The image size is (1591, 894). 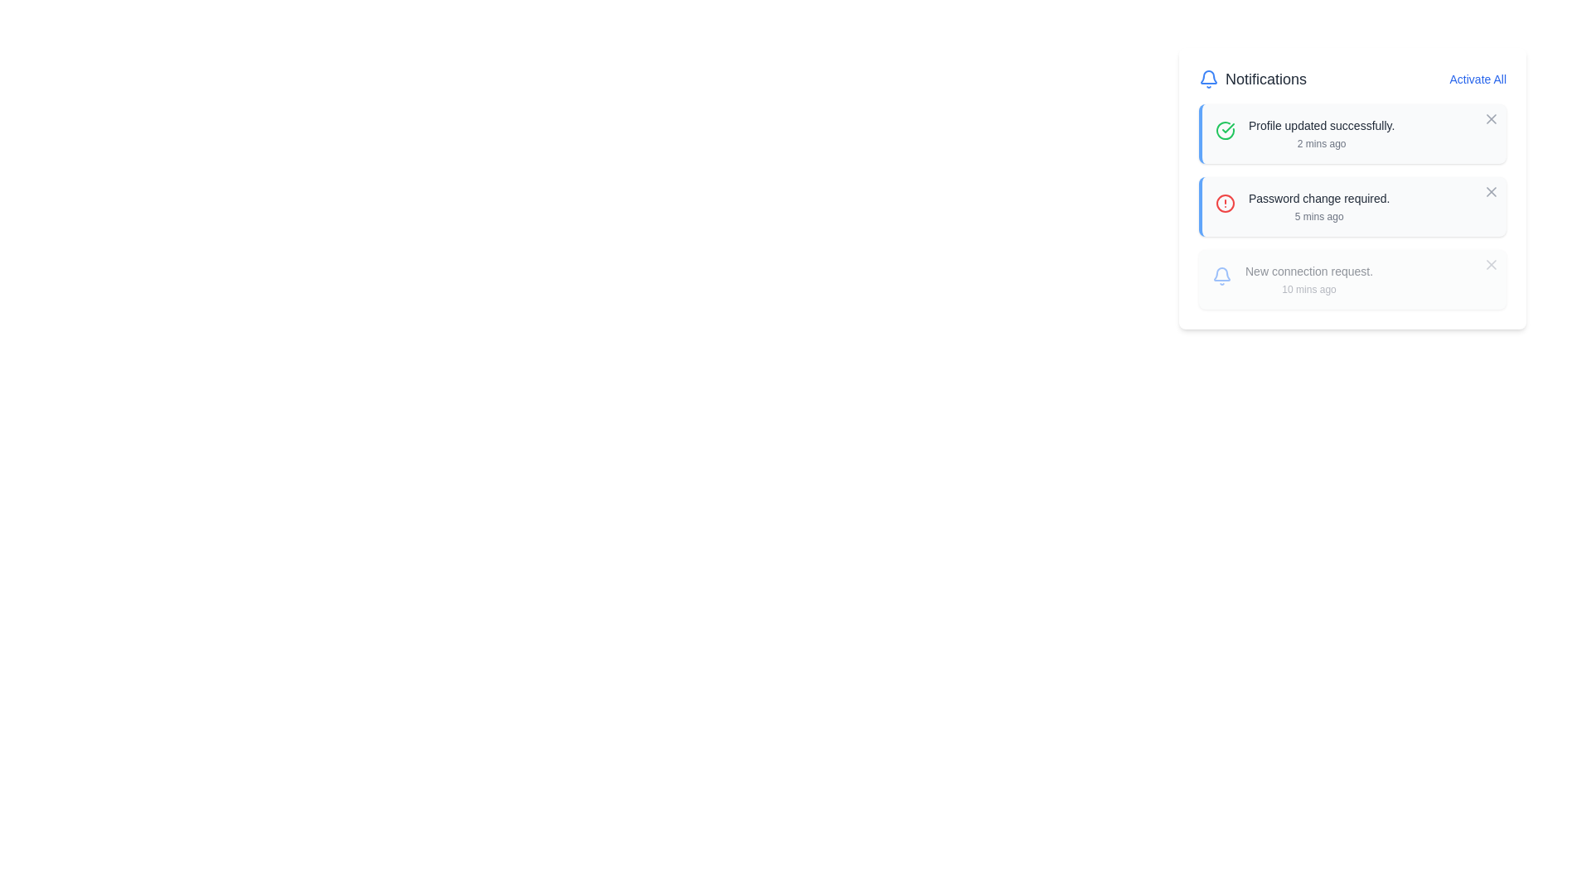 What do you see at coordinates (1225, 135) in the screenshot?
I see `the circular success icon with a green border and checkmark located to the left of the text 'Profile updated successfully.' in the first notification card` at bounding box center [1225, 135].